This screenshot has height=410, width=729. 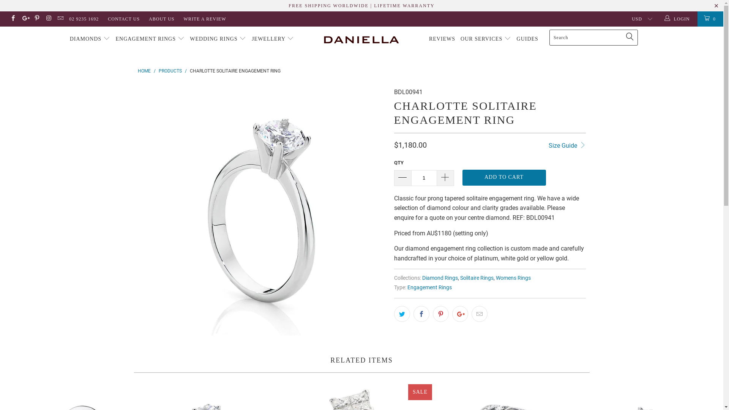 I want to click on 'LOGIN', so click(x=678, y=19).